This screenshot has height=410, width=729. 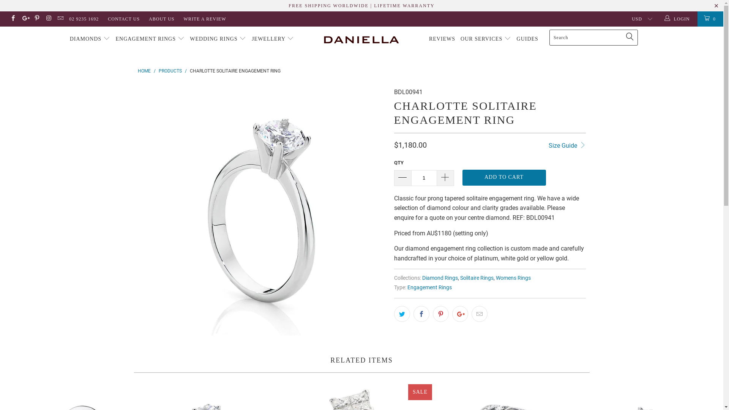 I want to click on 'LOGIN', so click(x=678, y=19).